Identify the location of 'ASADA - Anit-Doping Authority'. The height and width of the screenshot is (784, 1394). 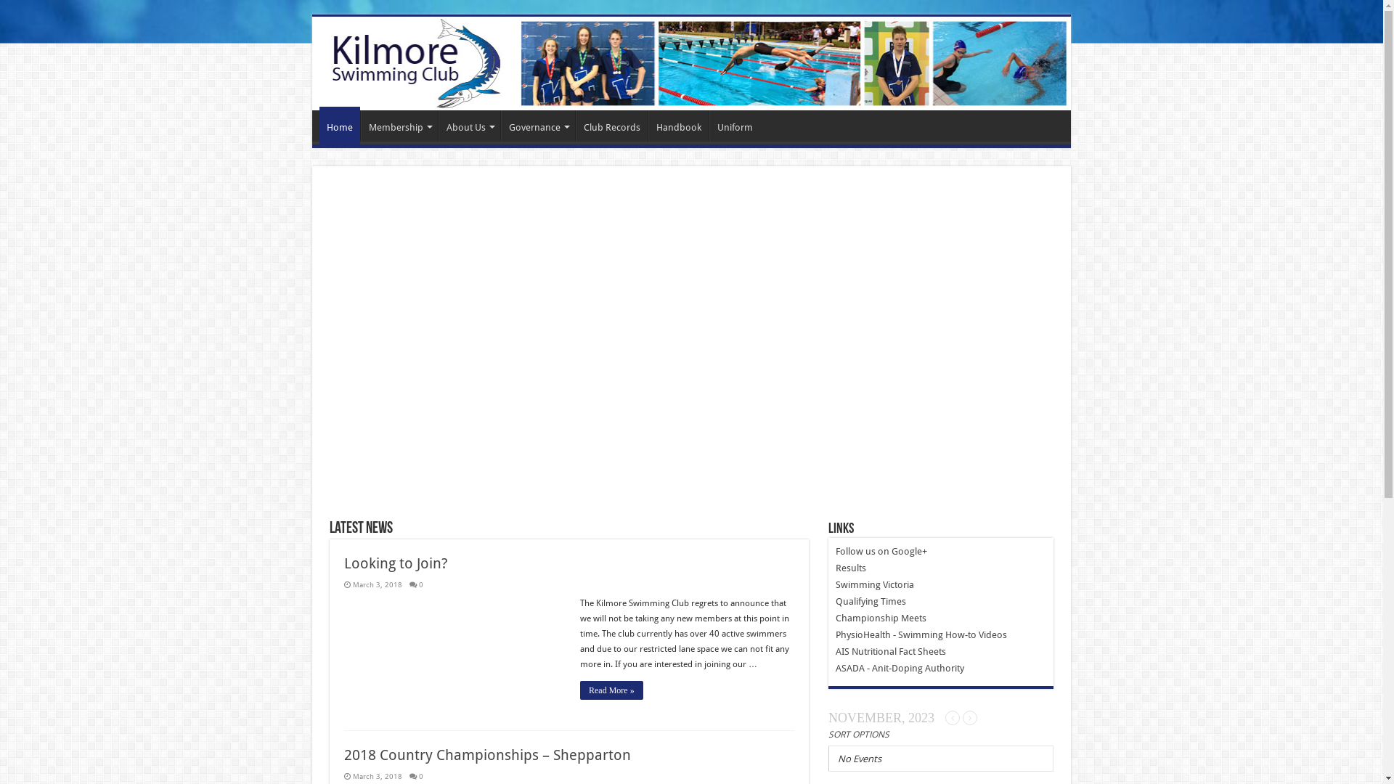
(899, 667).